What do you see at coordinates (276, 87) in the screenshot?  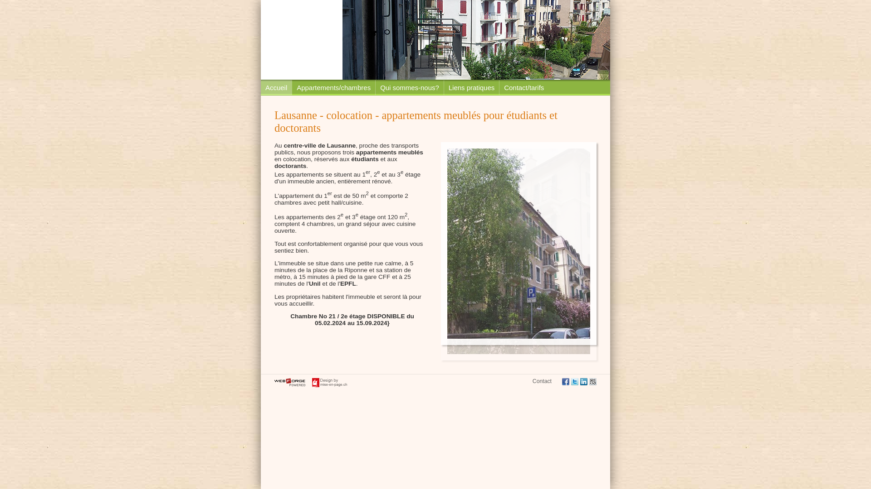 I see `'Accueil'` at bounding box center [276, 87].